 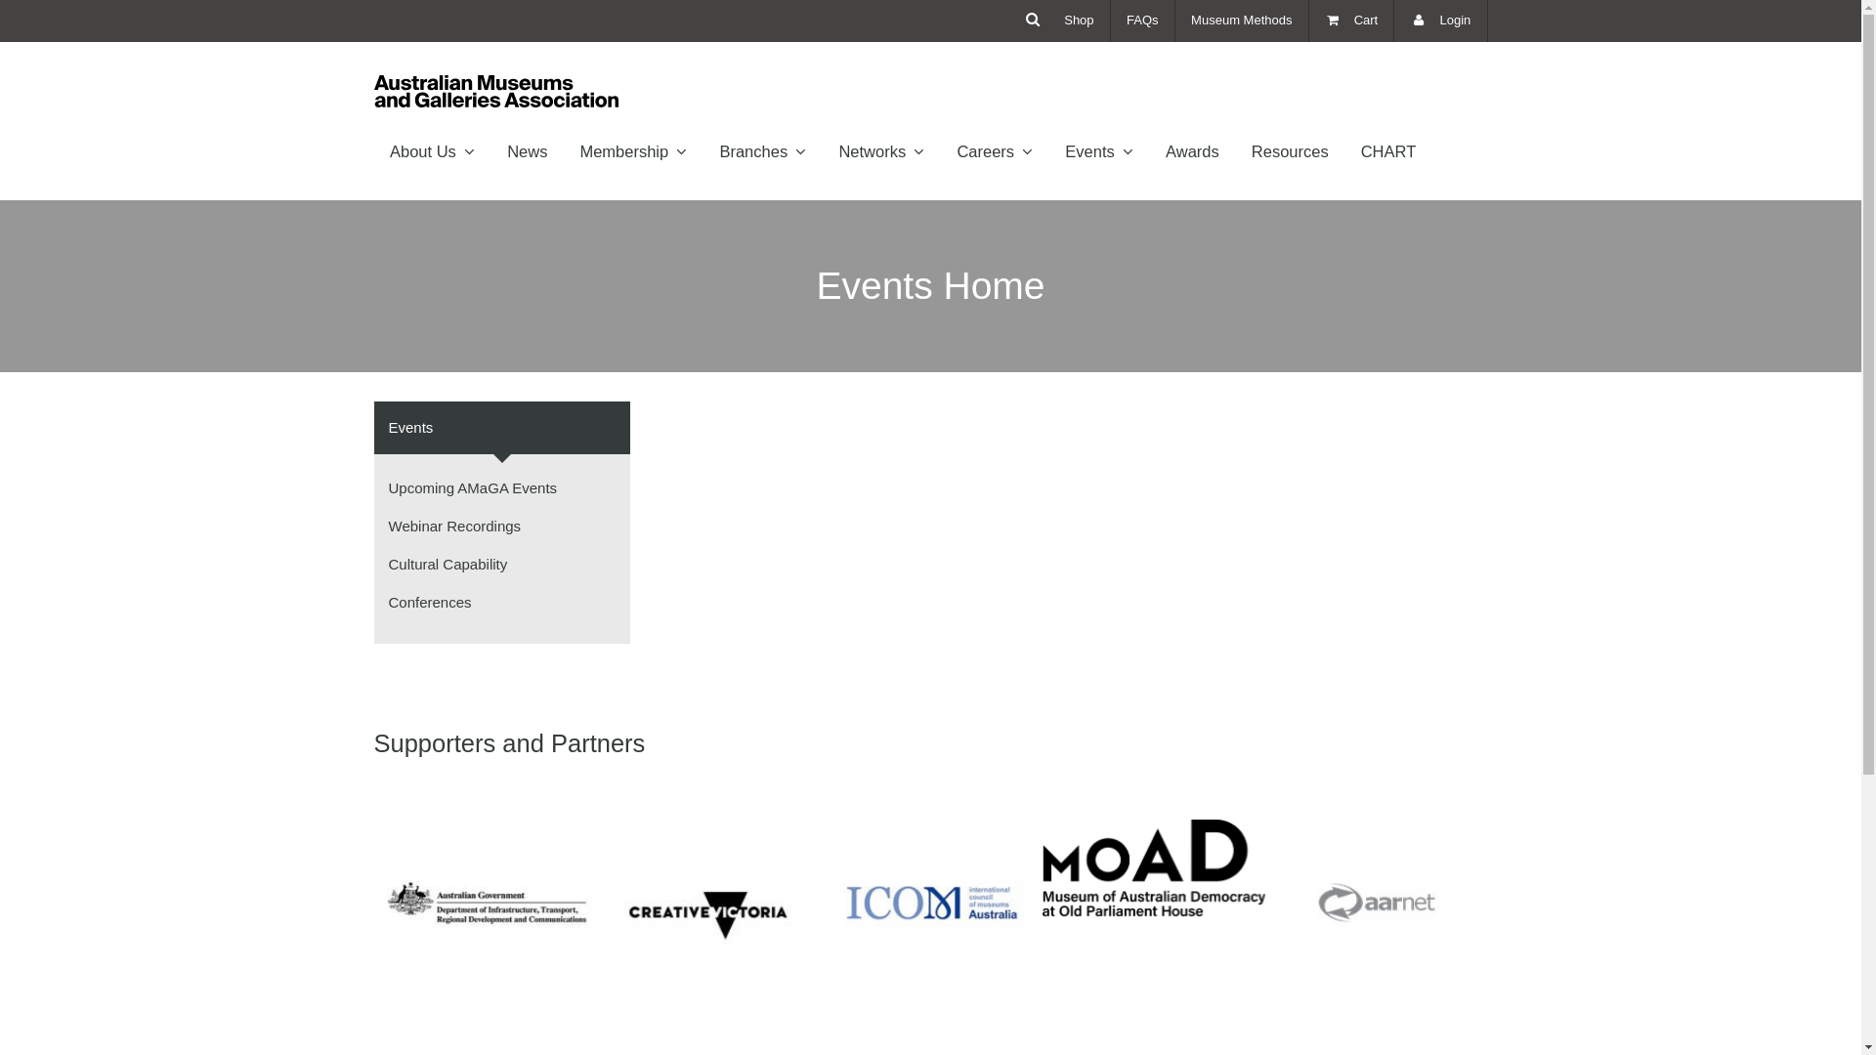 What do you see at coordinates (430, 149) in the screenshot?
I see `'About Us'` at bounding box center [430, 149].